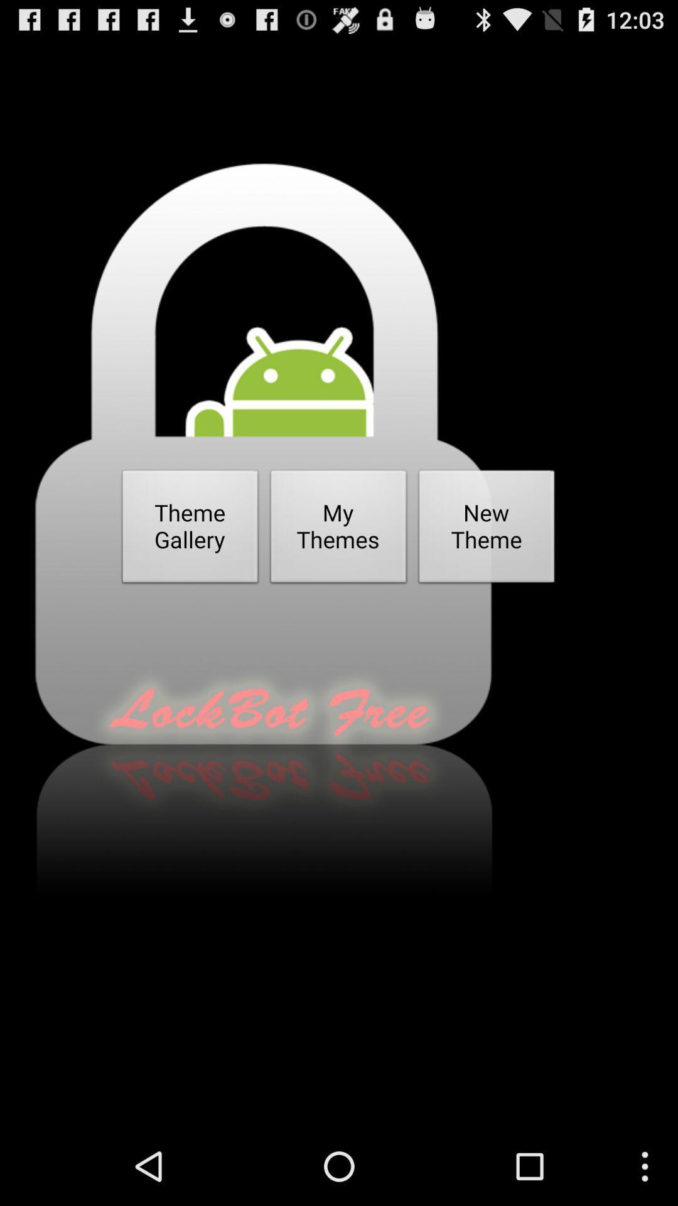 This screenshot has width=678, height=1206. Describe the element at coordinates (338, 530) in the screenshot. I see `the my themes icon` at that location.